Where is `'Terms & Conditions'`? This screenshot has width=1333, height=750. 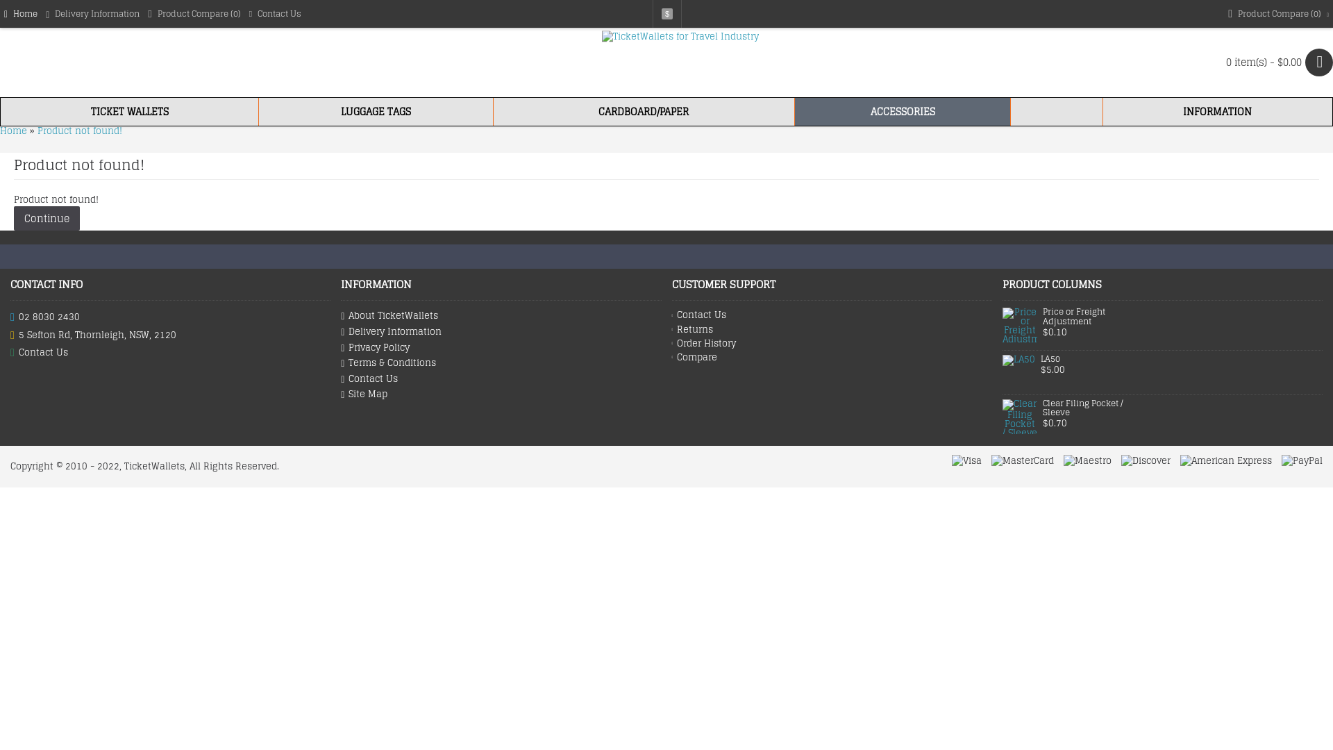 'Terms & Conditions' is located at coordinates (500, 362).